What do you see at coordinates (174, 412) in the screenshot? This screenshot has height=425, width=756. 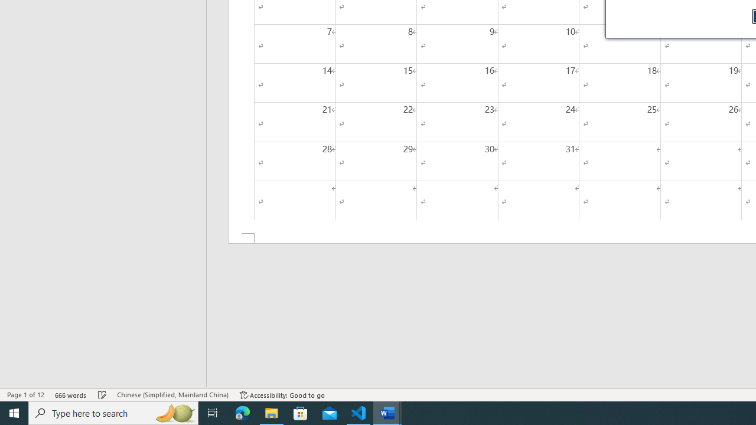 I see `'Search highlights icon opens search home window'` at bounding box center [174, 412].